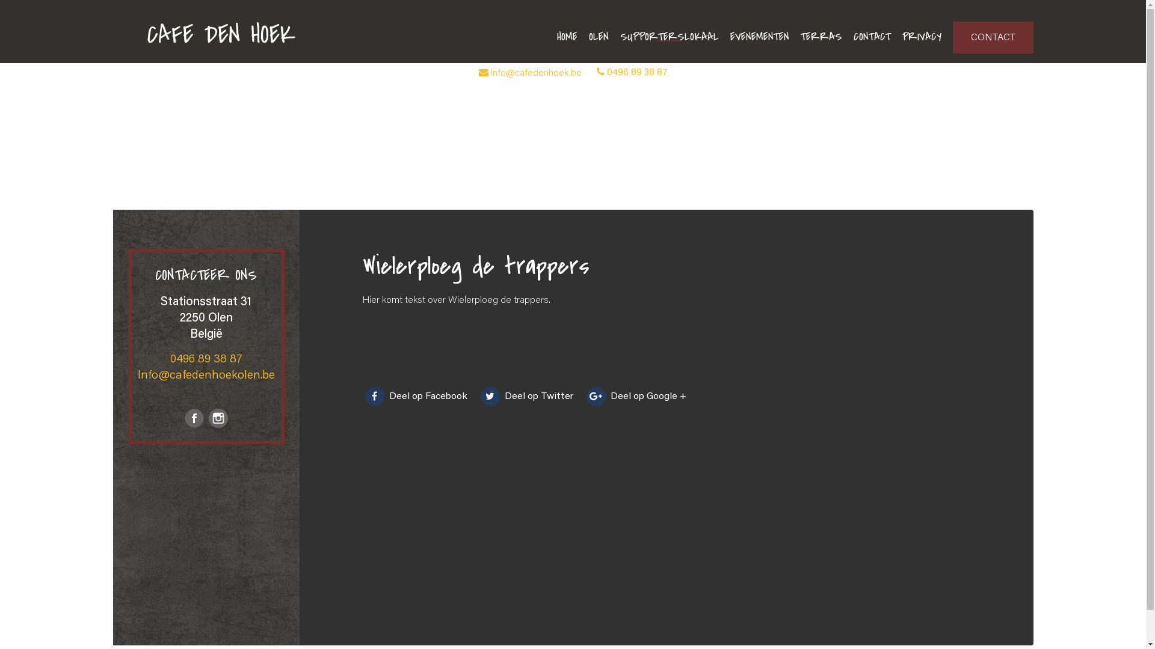  I want to click on 'info@cafedenhoek.be', so click(535, 73).